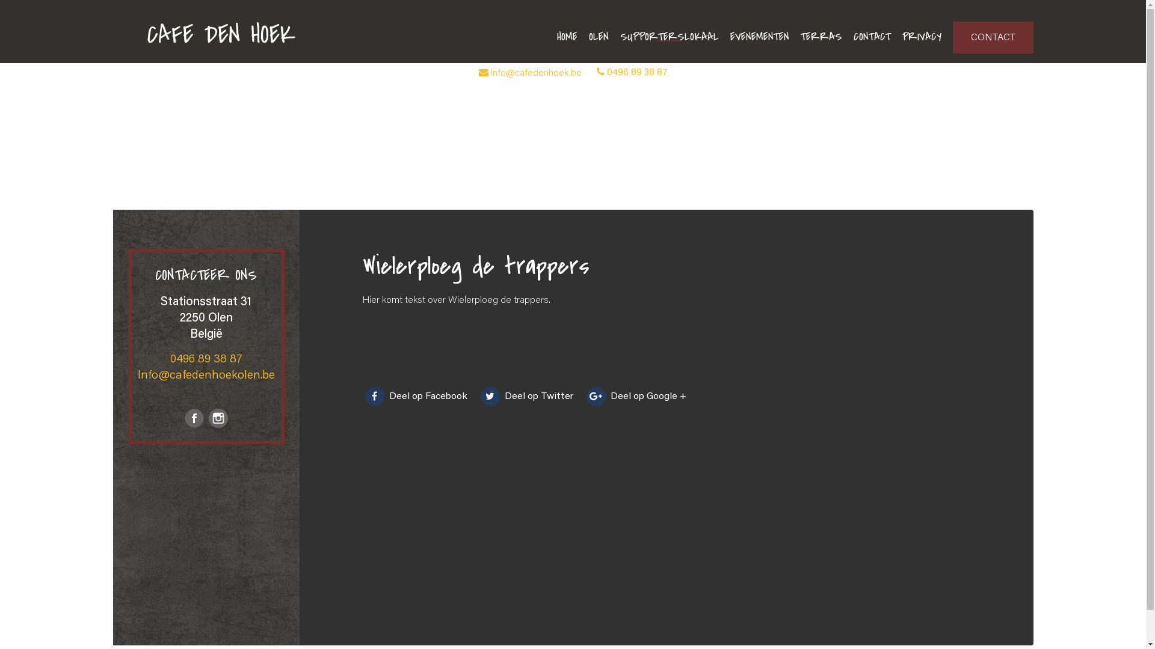  I want to click on 'info@cafedenhoek.be', so click(535, 73).